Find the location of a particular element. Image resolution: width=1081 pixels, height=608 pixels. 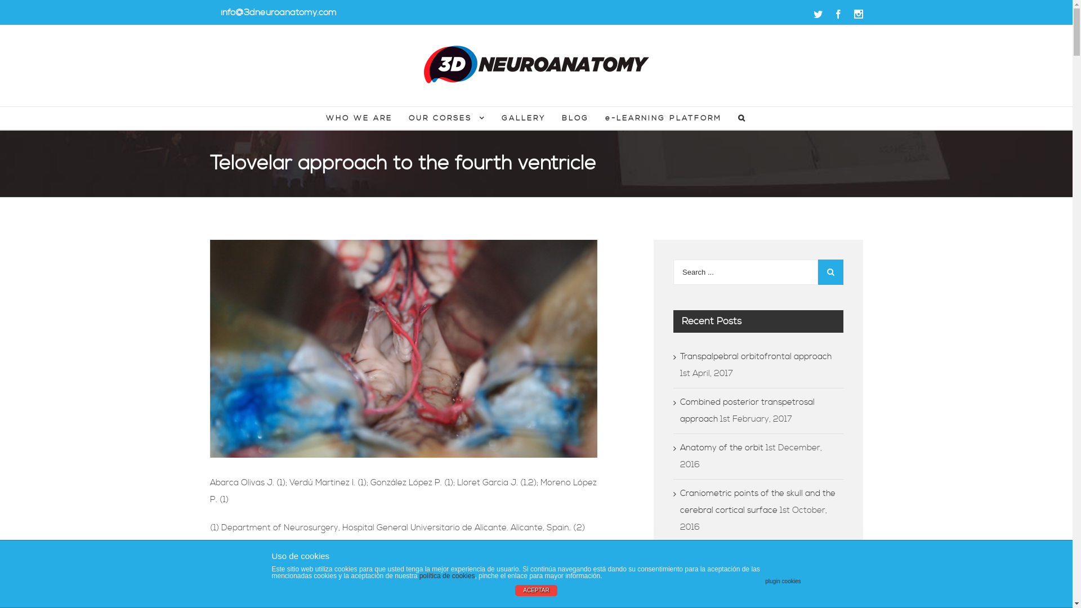

'OUR CORSES' is located at coordinates (446, 118).